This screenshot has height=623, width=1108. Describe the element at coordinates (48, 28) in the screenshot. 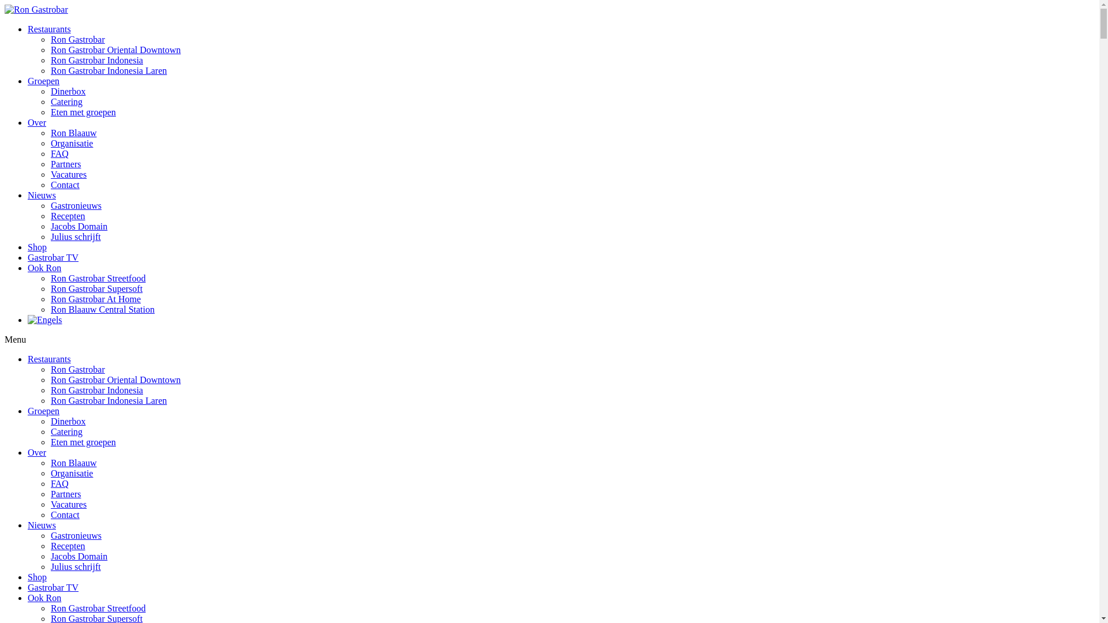

I see `'Restaurants'` at that location.